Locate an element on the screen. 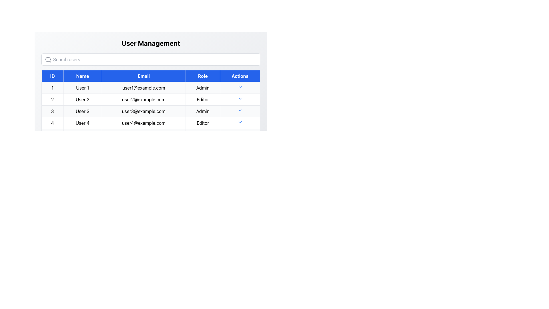 Image resolution: width=549 pixels, height=309 pixels. the Text Label displaying 'User 1' located in the second column of the table under the 'Name' column is located at coordinates (82, 88).